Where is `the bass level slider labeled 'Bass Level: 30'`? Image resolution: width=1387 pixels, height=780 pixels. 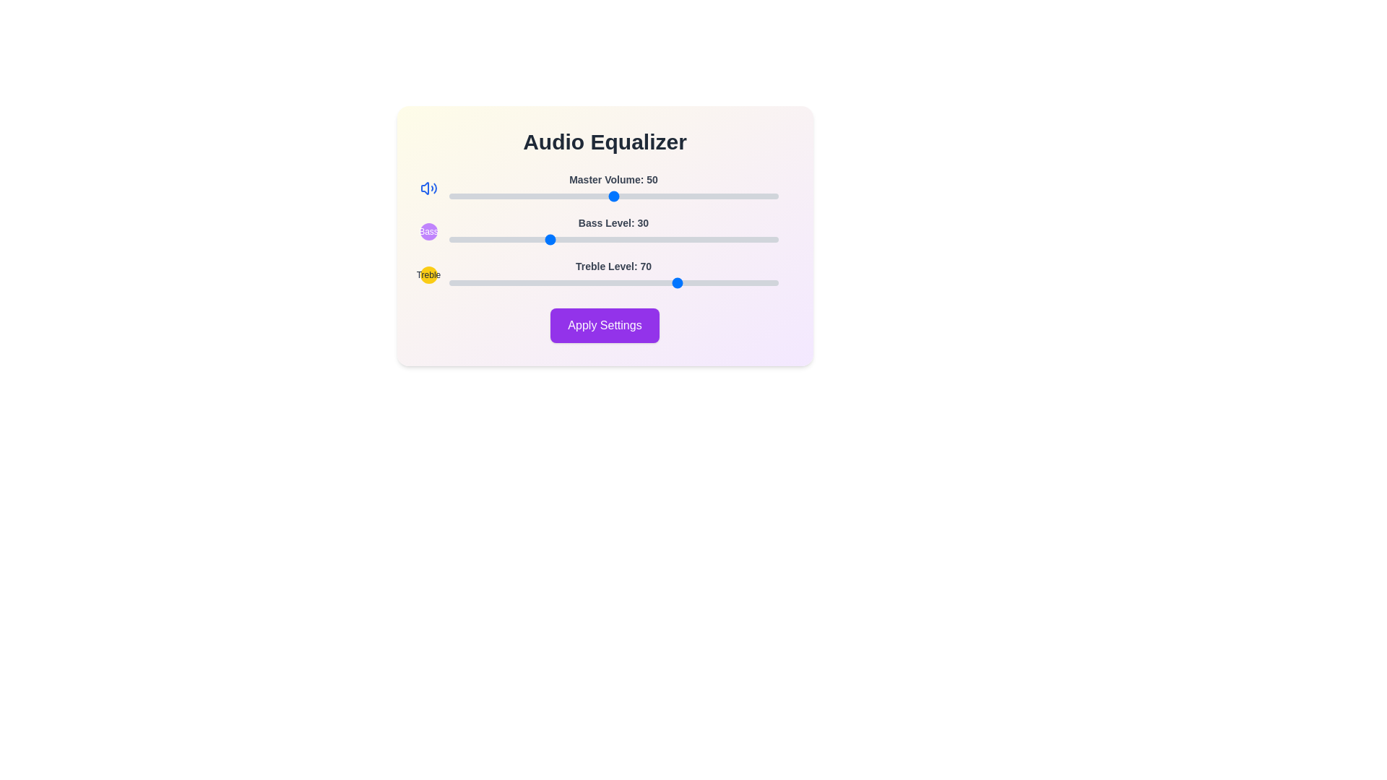
the bass level slider labeled 'Bass Level: 30' is located at coordinates (613, 230).